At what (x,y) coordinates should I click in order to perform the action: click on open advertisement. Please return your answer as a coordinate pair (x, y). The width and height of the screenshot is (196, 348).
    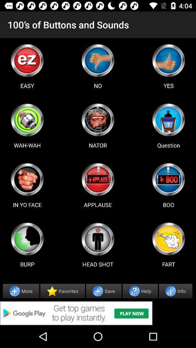
    Looking at the image, I should click on (98, 313).